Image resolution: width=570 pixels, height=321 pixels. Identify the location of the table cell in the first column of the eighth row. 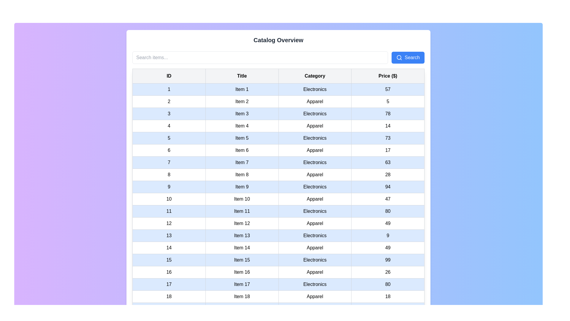
(169, 174).